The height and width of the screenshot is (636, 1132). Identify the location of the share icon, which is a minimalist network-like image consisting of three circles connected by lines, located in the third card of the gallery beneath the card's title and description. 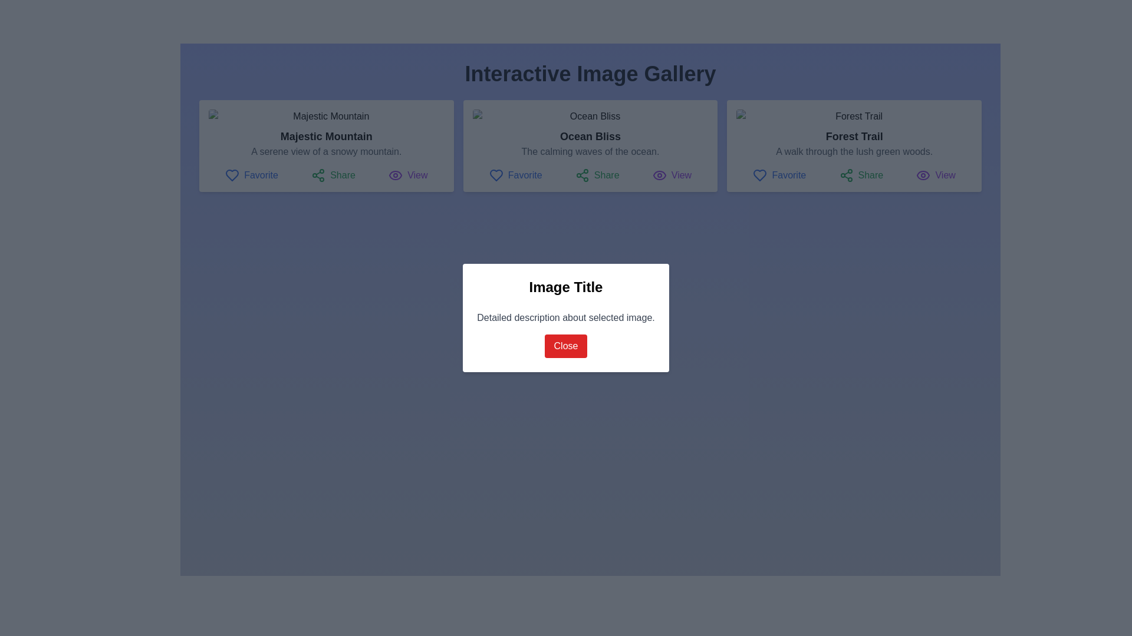
(845, 175).